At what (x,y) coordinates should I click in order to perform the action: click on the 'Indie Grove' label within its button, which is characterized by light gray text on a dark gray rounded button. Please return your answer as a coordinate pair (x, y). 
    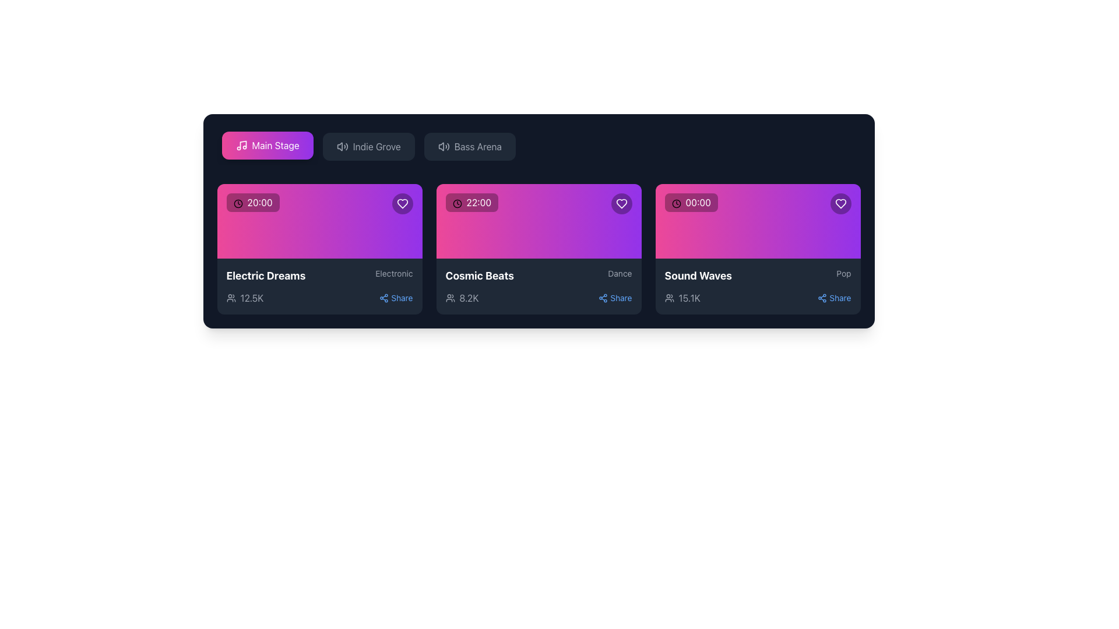
    Looking at the image, I should click on (376, 146).